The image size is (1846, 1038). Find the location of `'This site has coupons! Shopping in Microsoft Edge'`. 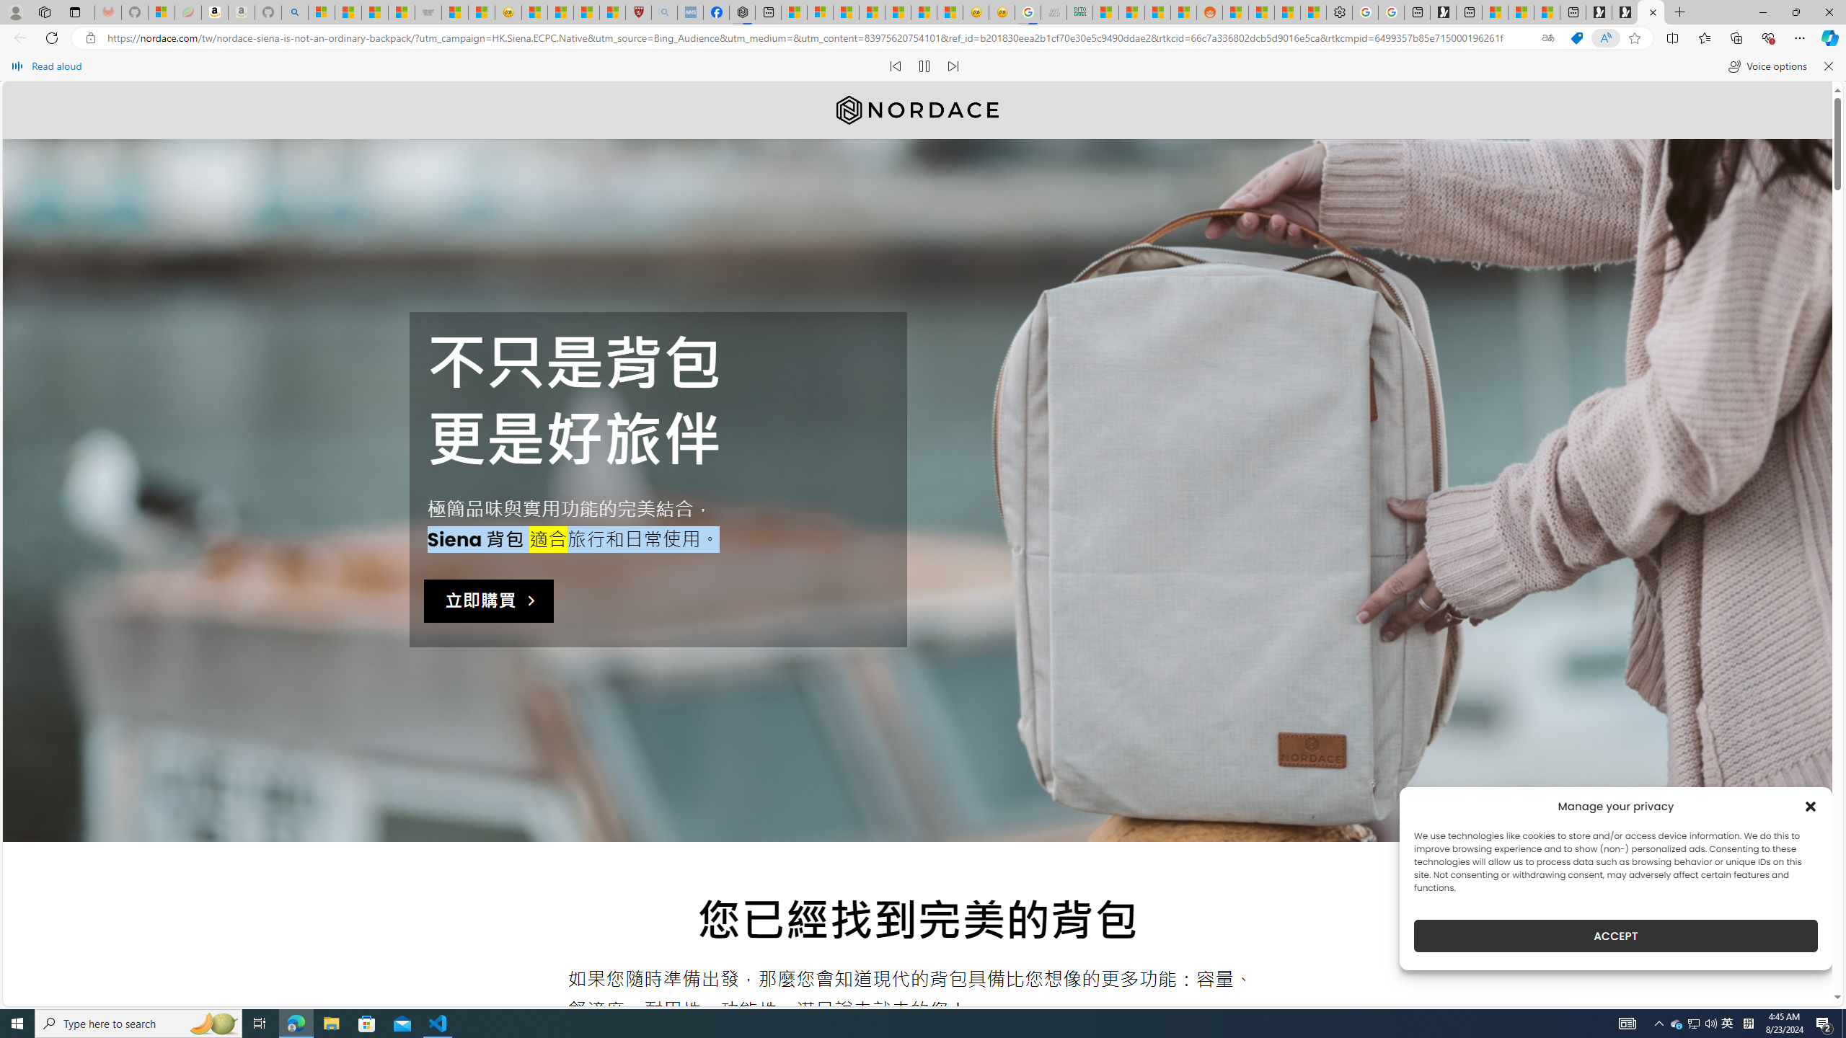

'This site has coupons! Shopping in Microsoft Edge' is located at coordinates (1576, 38).